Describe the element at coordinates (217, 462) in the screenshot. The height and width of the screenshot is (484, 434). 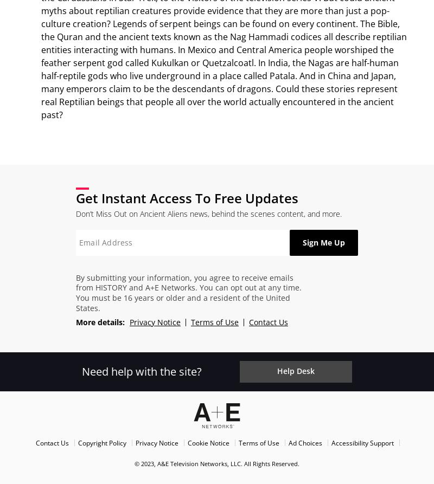
I see `'© 2023, A&E Television Networks, LLC. All Rights Reserved.'` at that location.